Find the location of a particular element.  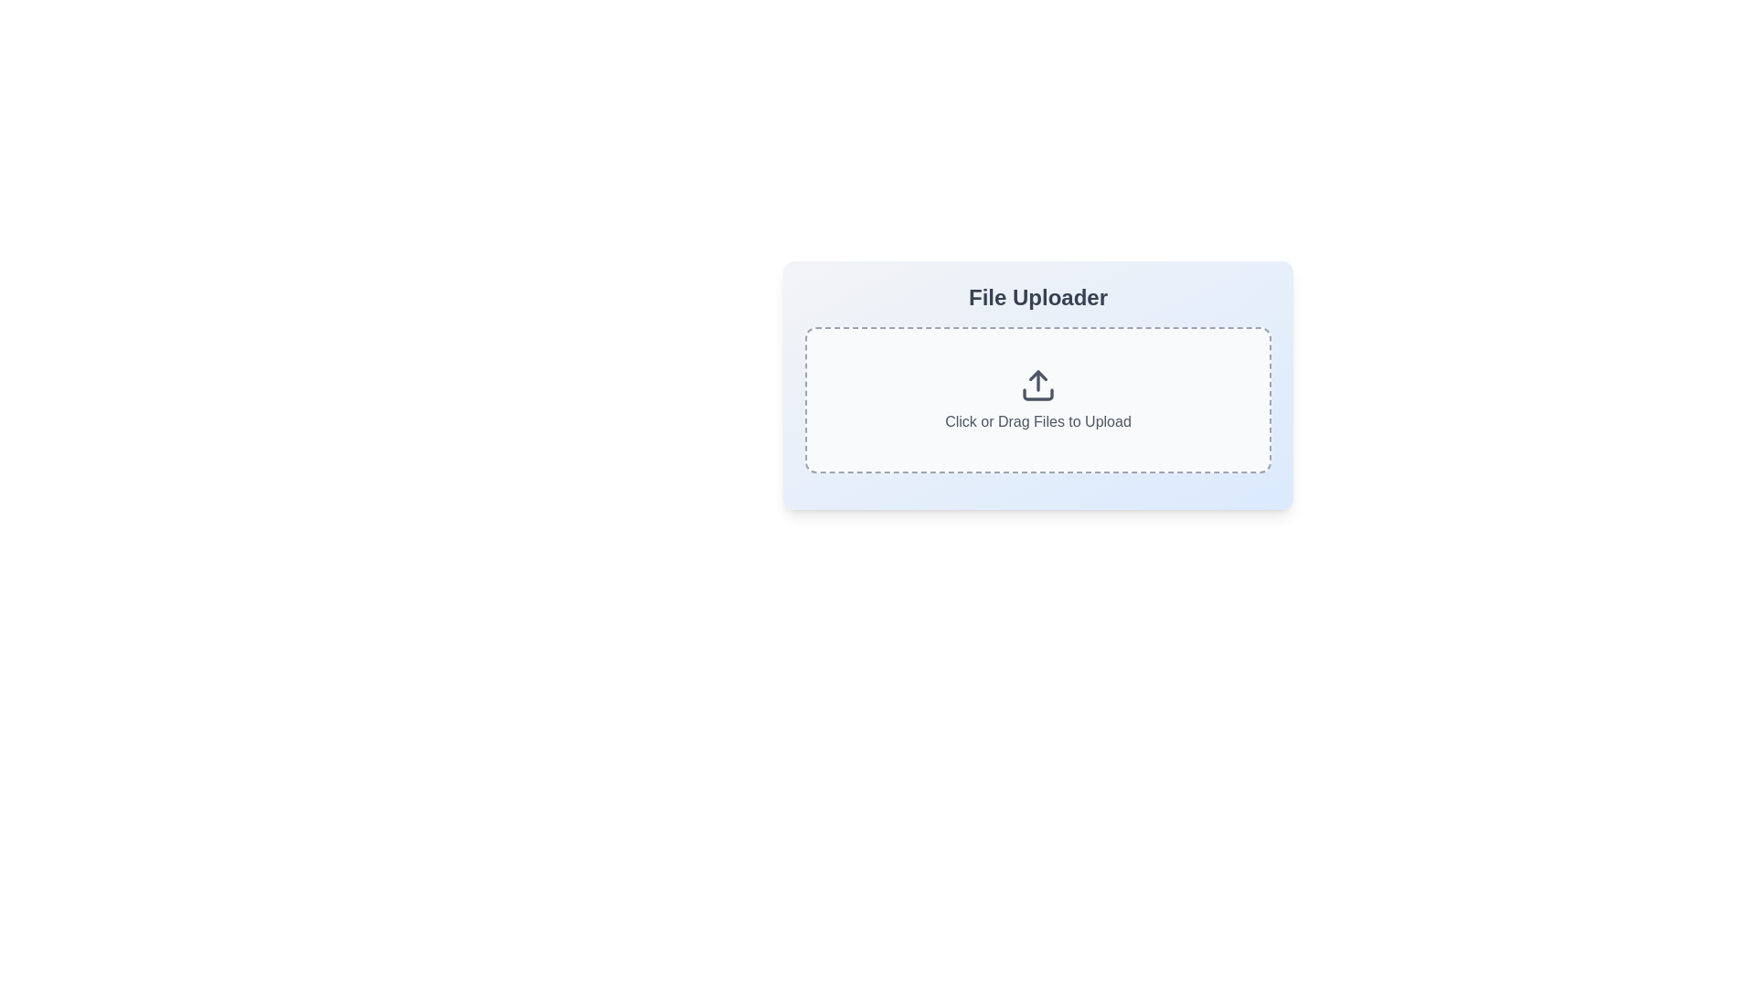

the text label displaying 'Click or Drag Files to Upload', which is located below the upload icon within the file upload area is located at coordinates (1038, 422).